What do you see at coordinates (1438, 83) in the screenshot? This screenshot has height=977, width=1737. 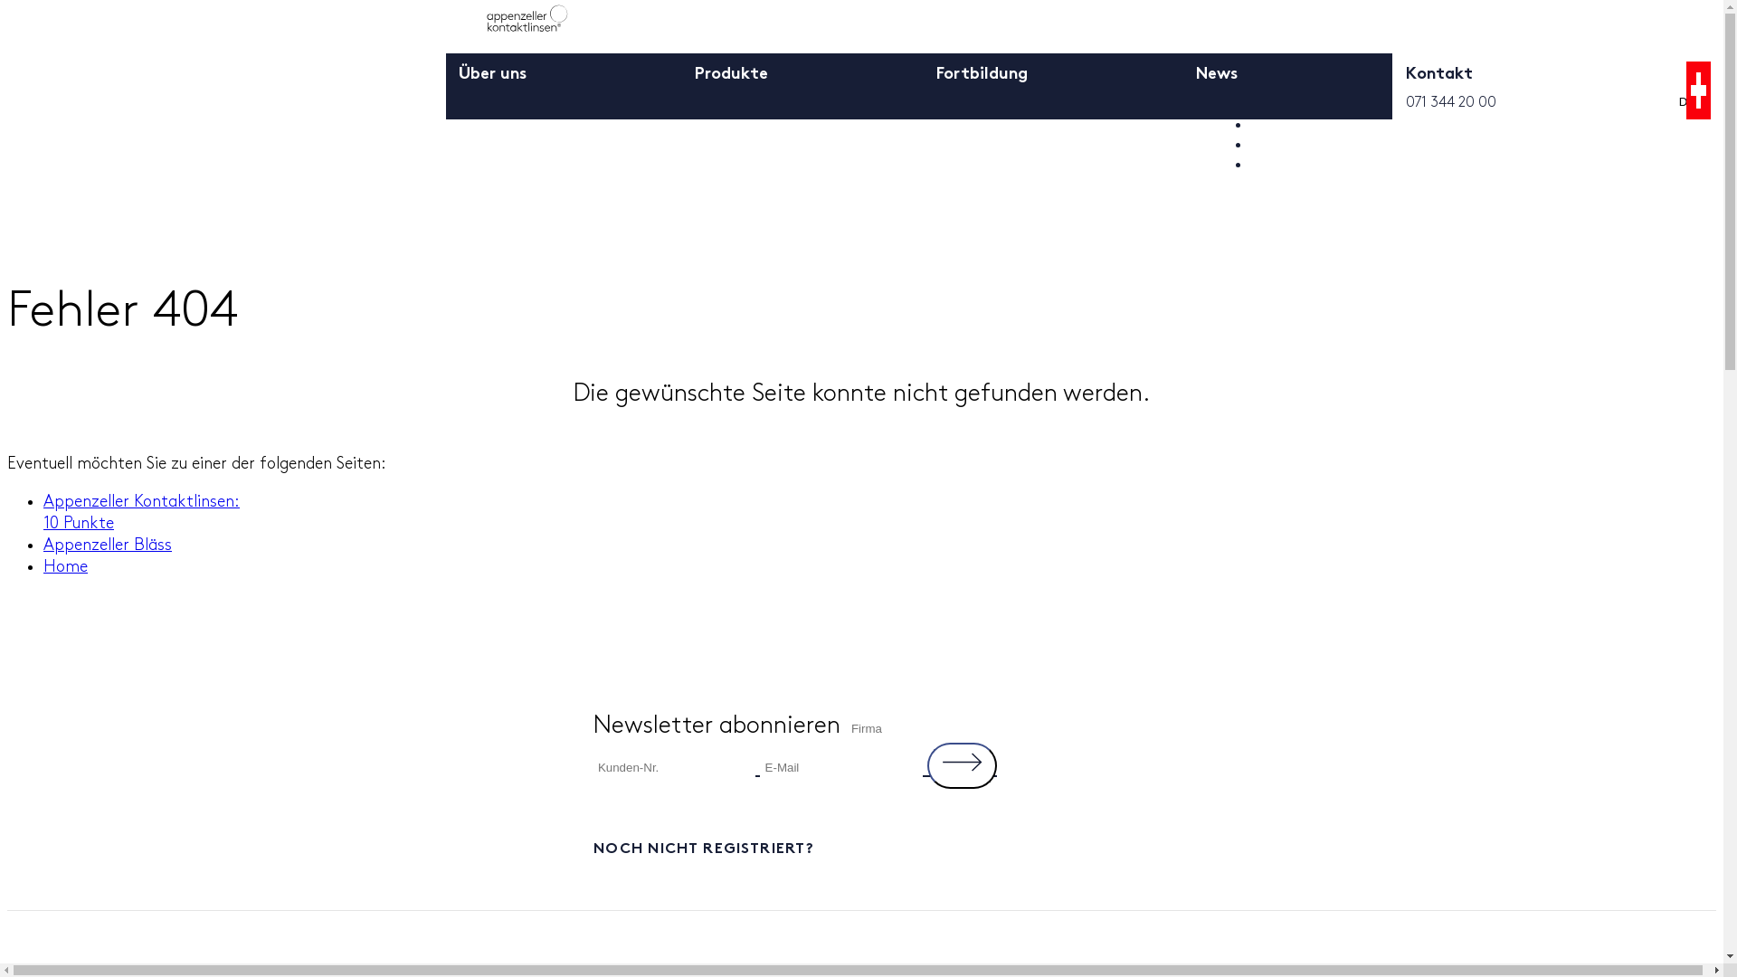 I see `'Kontakt'` at bounding box center [1438, 83].